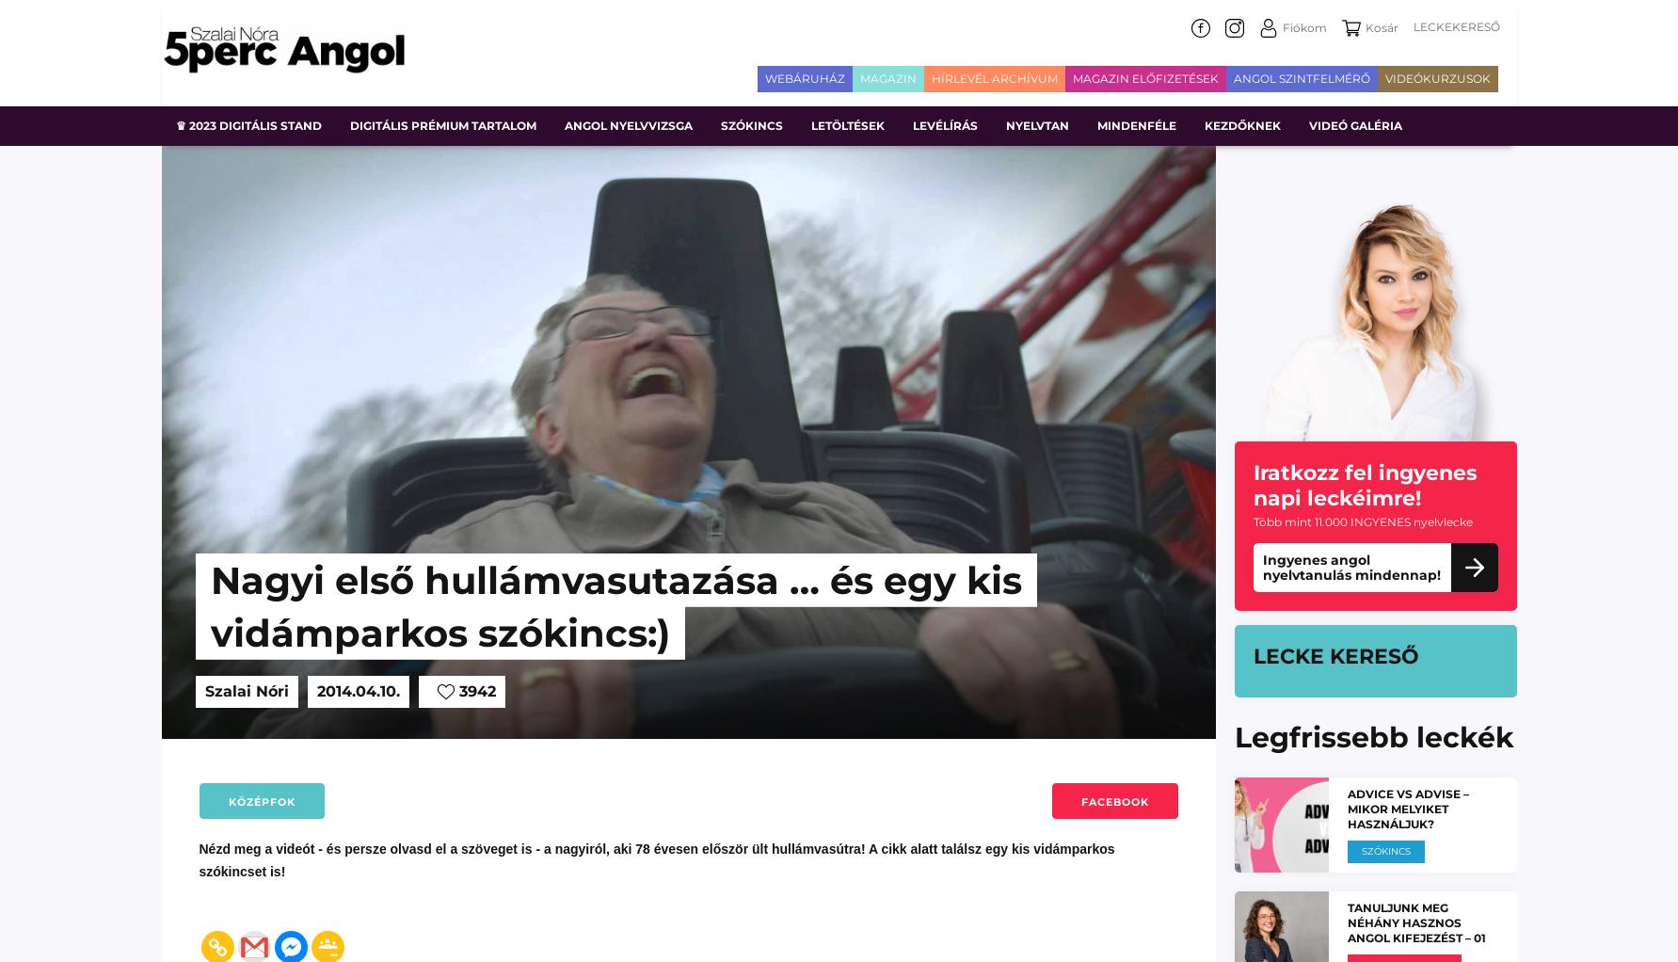 The image size is (1678, 962). Describe the element at coordinates (1347, 921) in the screenshot. I see `'Tanuljunk meg néhány hasznos angol kifejezést – 01'` at that location.